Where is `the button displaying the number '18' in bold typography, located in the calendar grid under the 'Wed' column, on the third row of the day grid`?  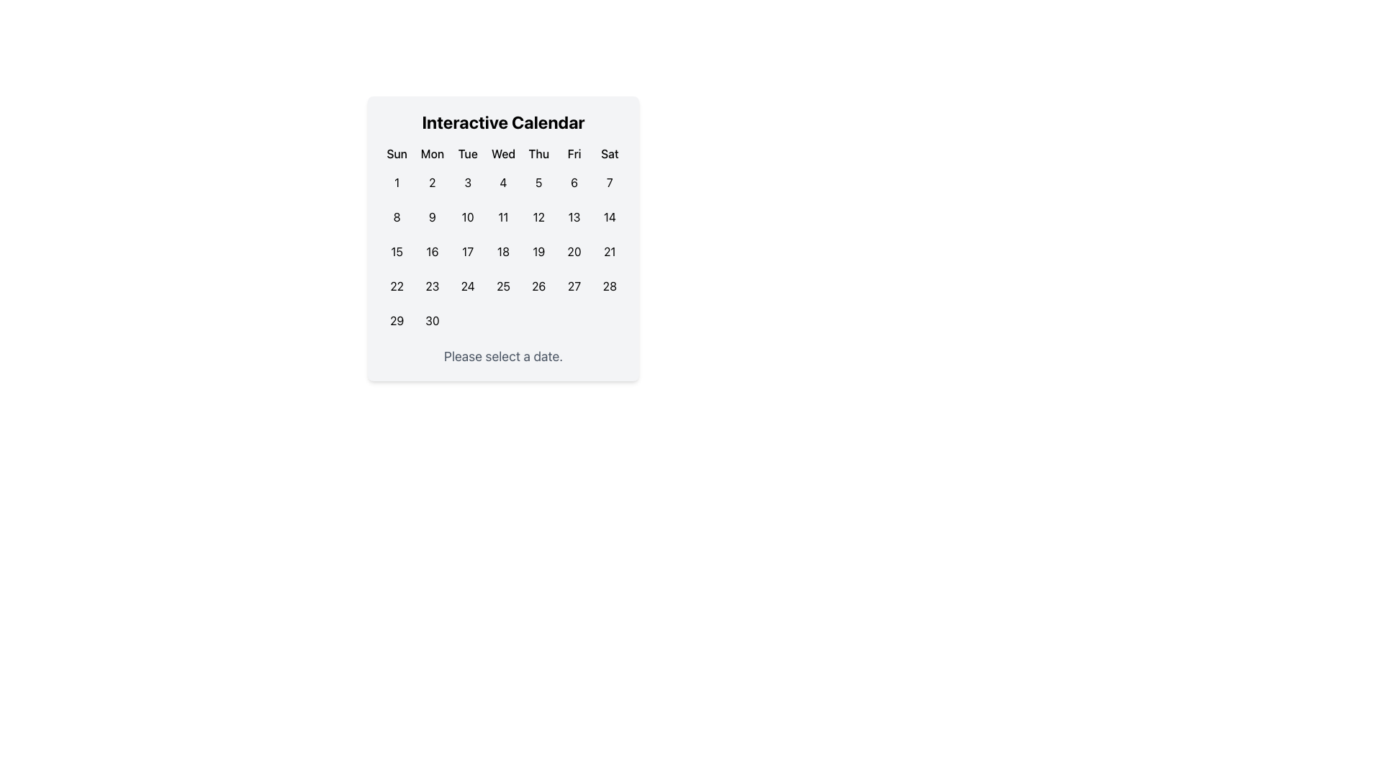
the button displaying the number '18' in bold typography, located in the calendar grid under the 'Wed' column, on the third row of the day grid is located at coordinates (503, 251).